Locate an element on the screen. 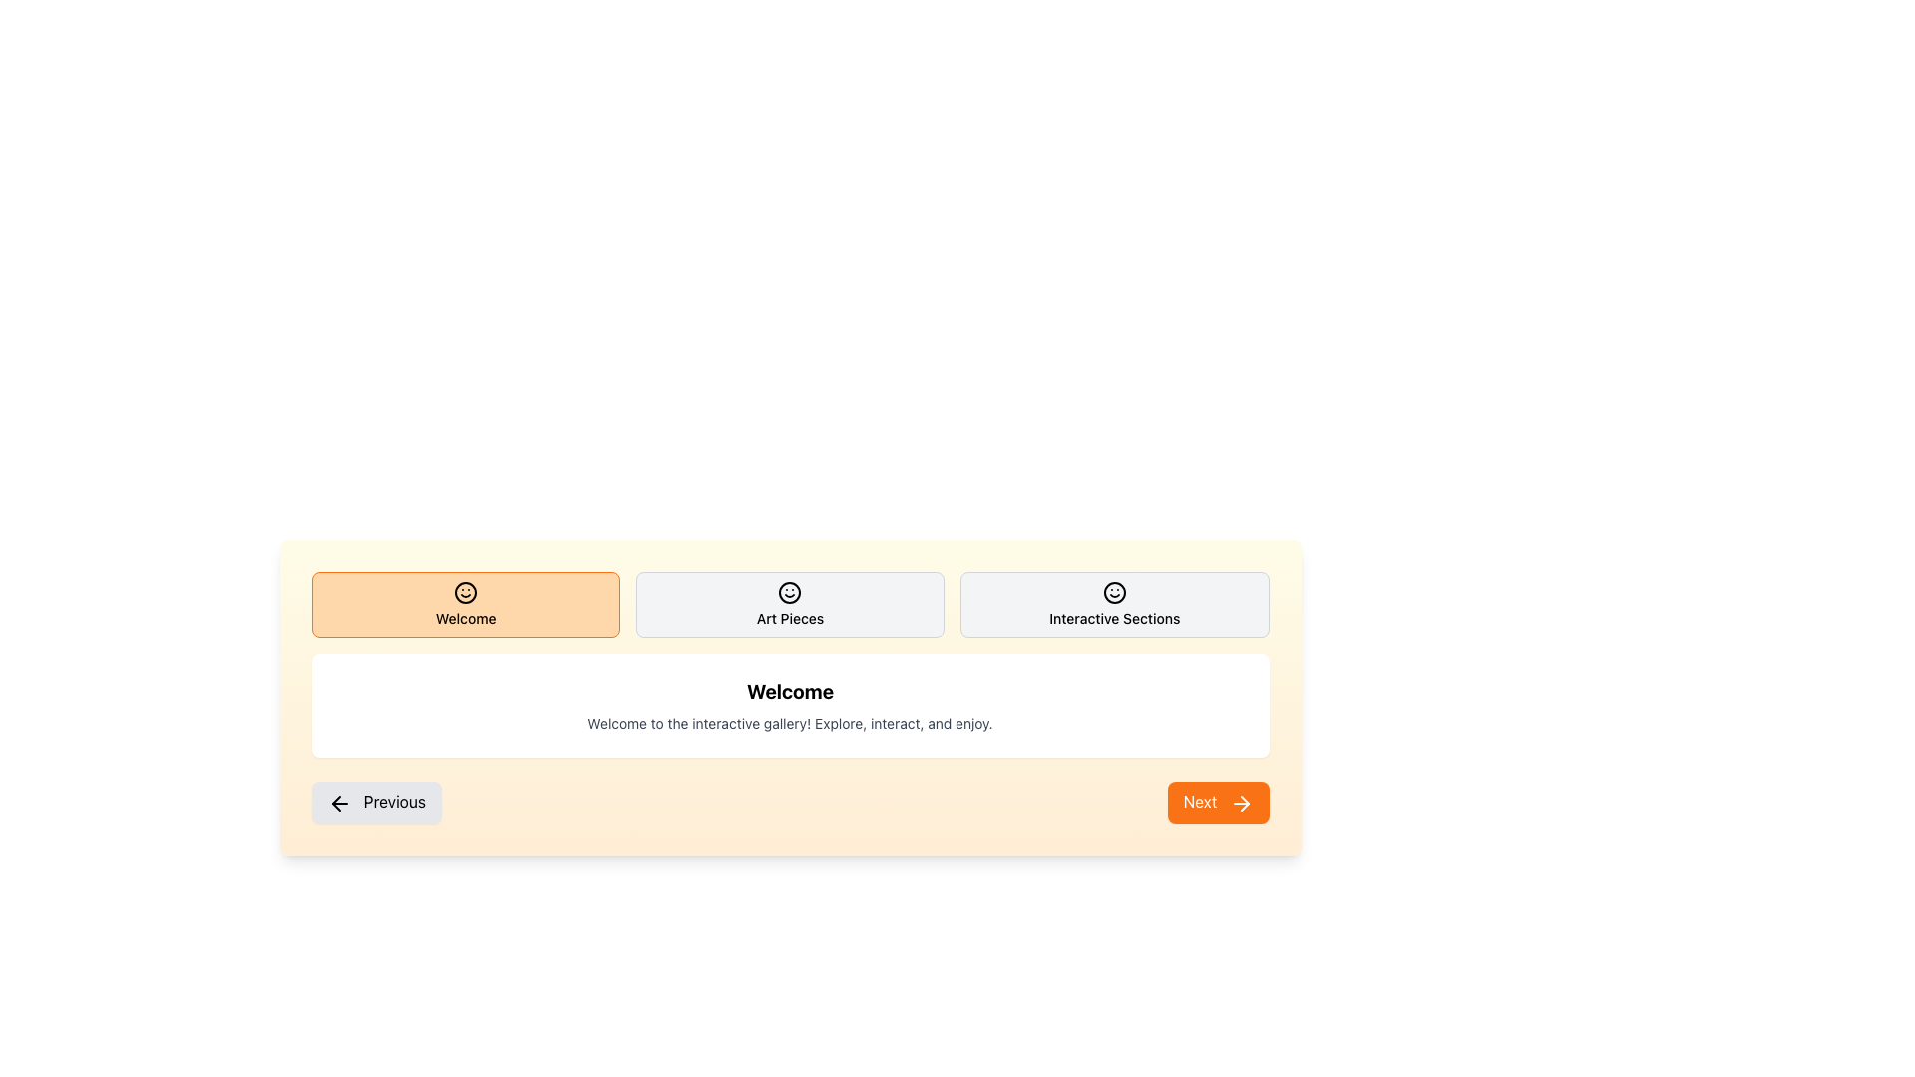  the leftward arrow icon inside the button labeled 'Previous', which is located at the bottom-left corner of the section is located at coordinates (339, 802).